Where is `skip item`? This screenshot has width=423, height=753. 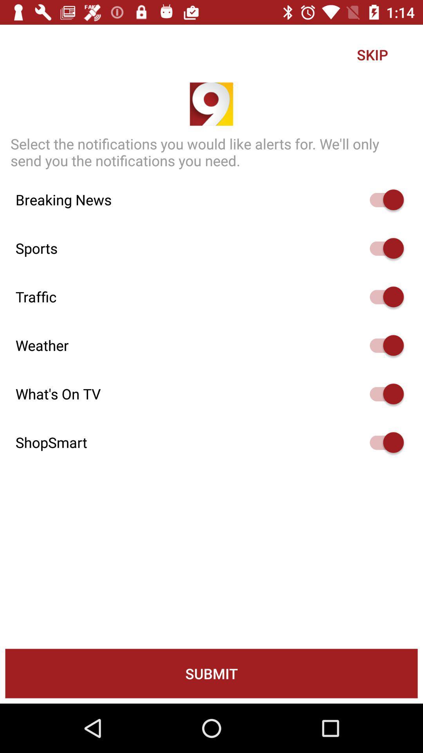
skip item is located at coordinates (372, 54).